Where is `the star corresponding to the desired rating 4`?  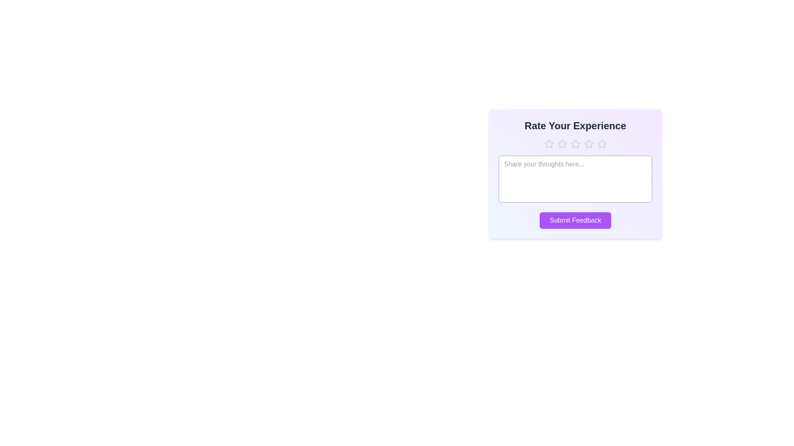 the star corresponding to the desired rating 4 is located at coordinates (588, 143).